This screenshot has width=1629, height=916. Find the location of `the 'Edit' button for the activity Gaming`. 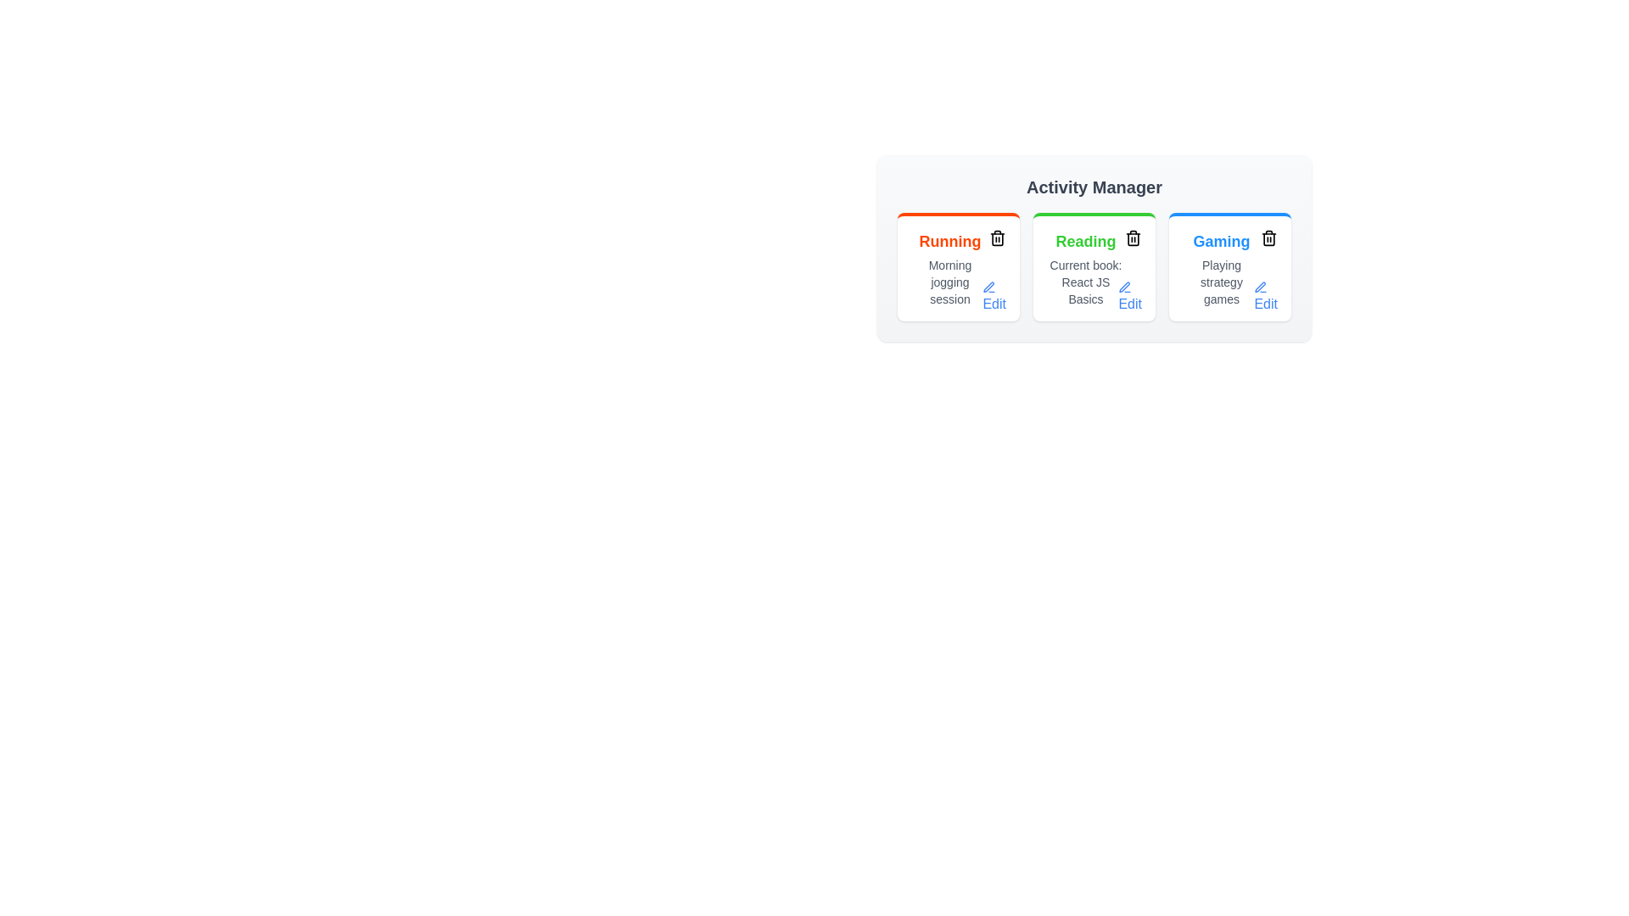

the 'Edit' button for the activity Gaming is located at coordinates (1266, 297).